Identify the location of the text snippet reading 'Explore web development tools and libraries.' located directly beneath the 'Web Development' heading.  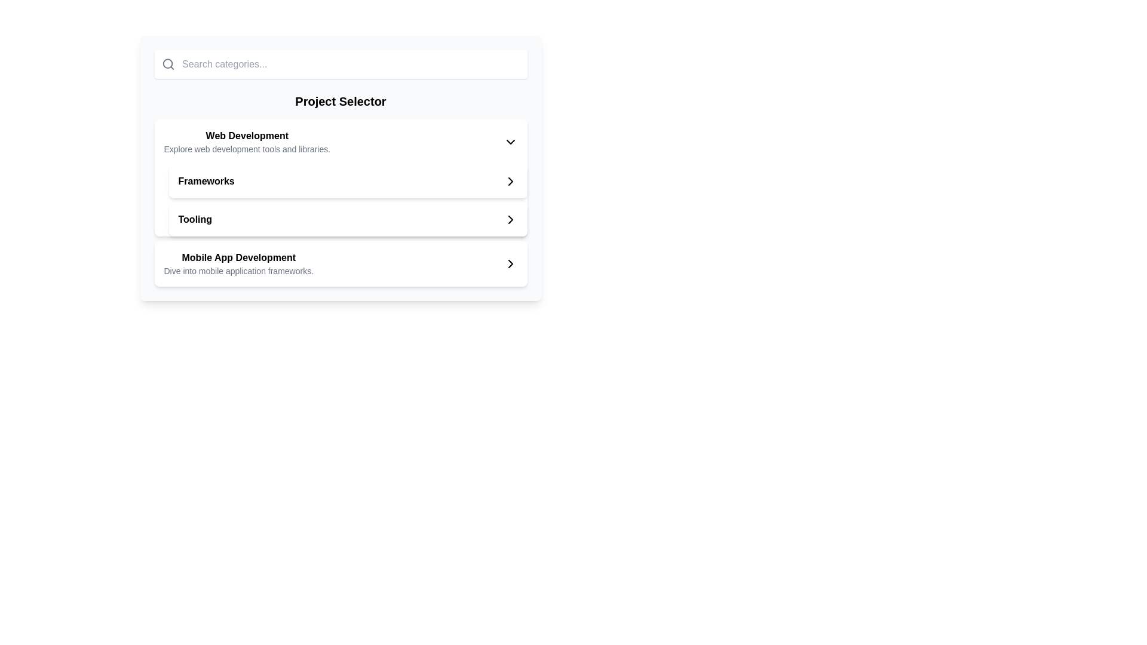
(246, 149).